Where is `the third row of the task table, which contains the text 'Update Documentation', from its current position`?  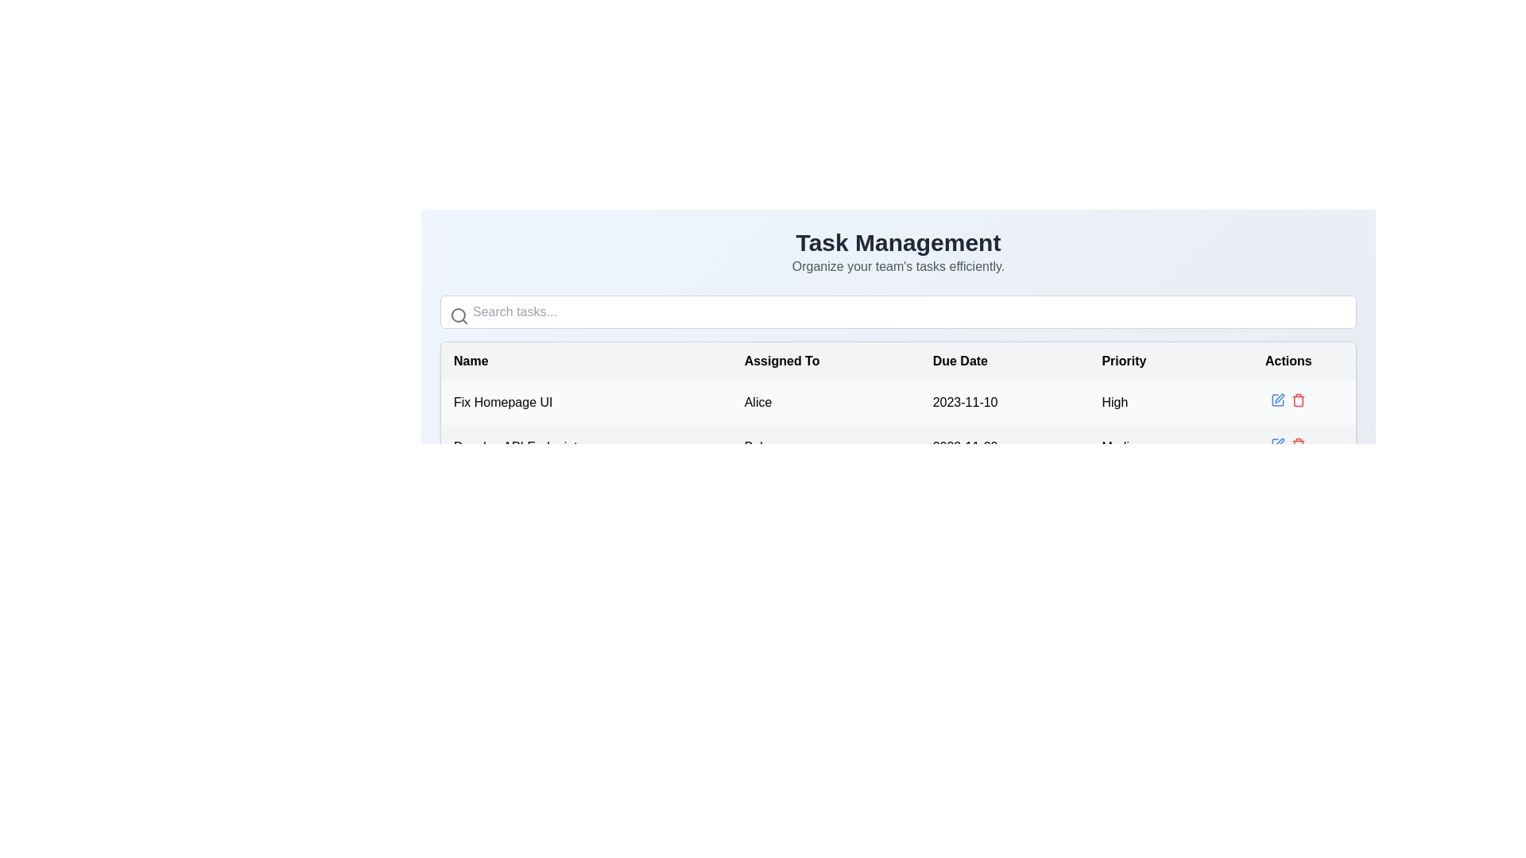
the third row of the task table, which contains the text 'Update Documentation', from its current position is located at coordinates (898, 490).